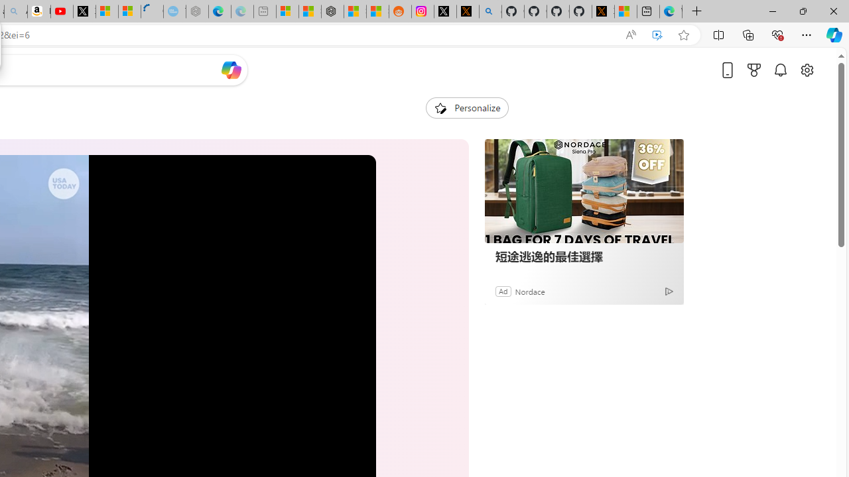 The height and width of the screenshot is (477, 849). I want to click on 'X Privacy Policy', so click(602, 11).